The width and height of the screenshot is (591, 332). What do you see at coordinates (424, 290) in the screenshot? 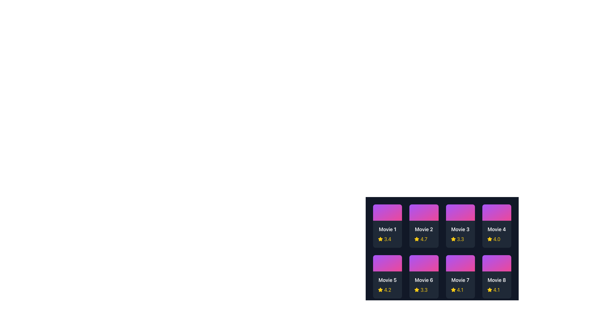
I see `the numerical text label displaying '3.3' in yellow, located to the right of a star icon within the 'Movie 6' card` at bounding box center [424, 290].